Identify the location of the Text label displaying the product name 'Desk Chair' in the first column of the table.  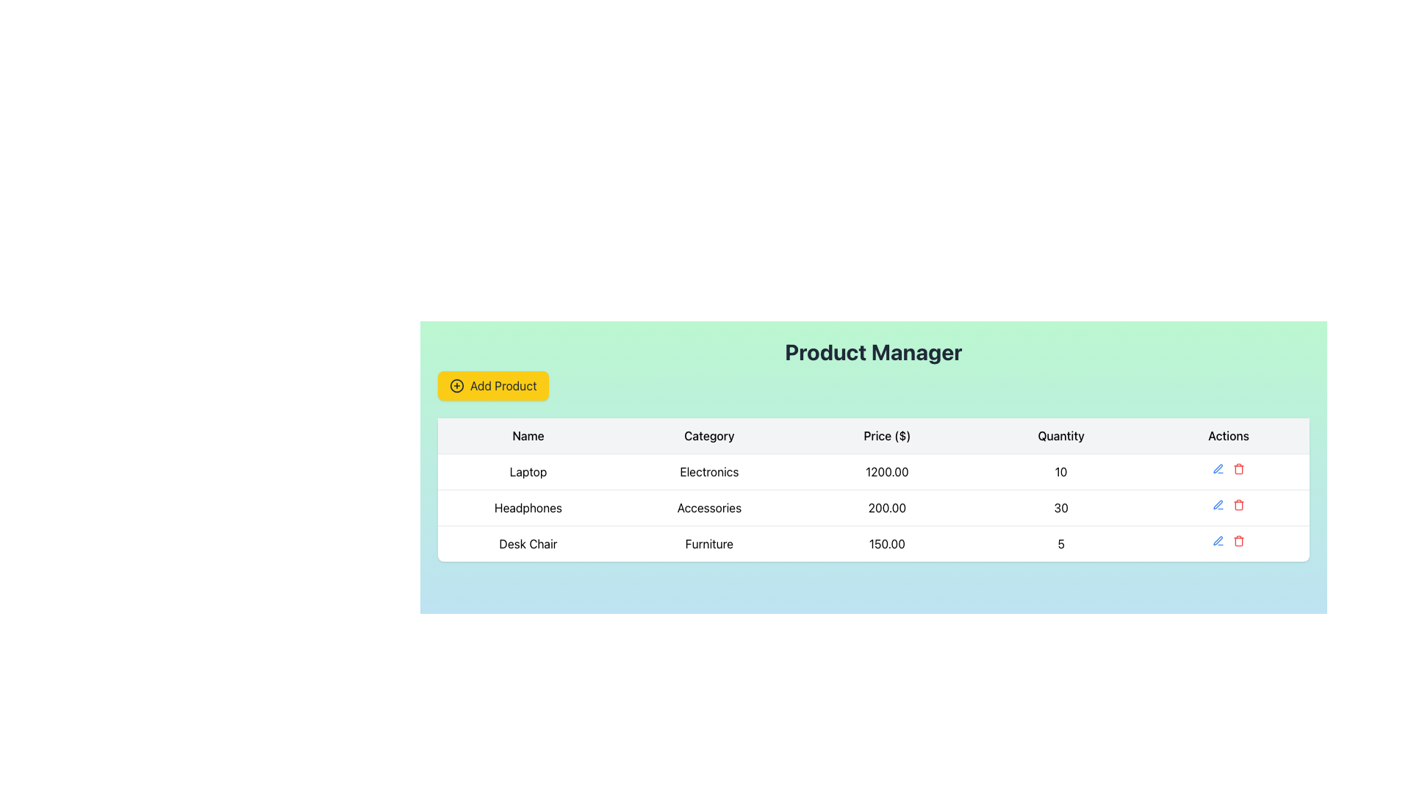
(528, 543).